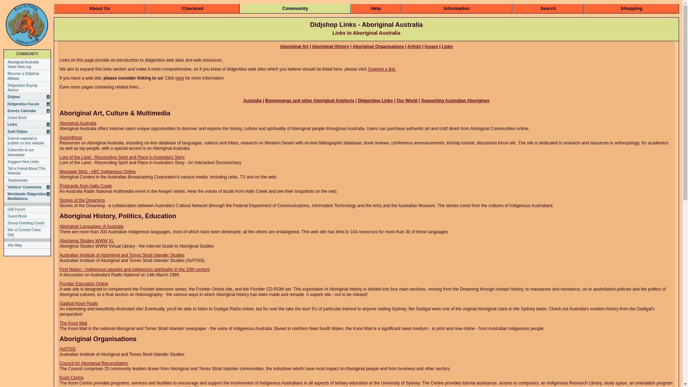 This screenshot has height=387, width=688. What do you see at coordinates (382, 69) in the screenshot?
I see `'Suggest a link.'` at bounding box center [382, 69].